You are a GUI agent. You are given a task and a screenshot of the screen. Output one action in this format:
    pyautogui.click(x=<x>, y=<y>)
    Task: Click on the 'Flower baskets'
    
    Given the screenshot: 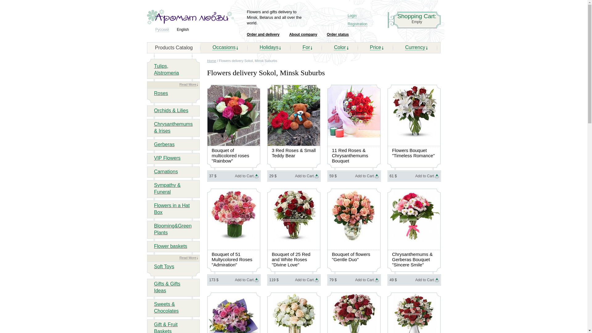 What is the action you would take?
    pyautogui.click(x=171, y=246)
    